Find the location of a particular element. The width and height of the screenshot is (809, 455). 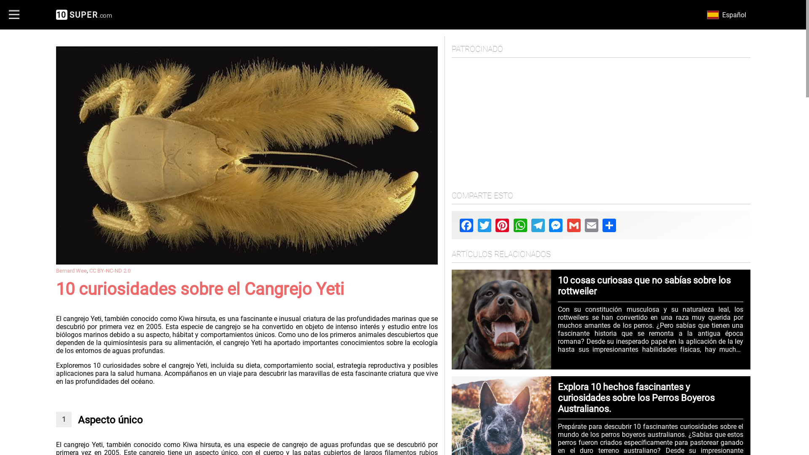

'Twitter' is located at coordinates (485, 225).